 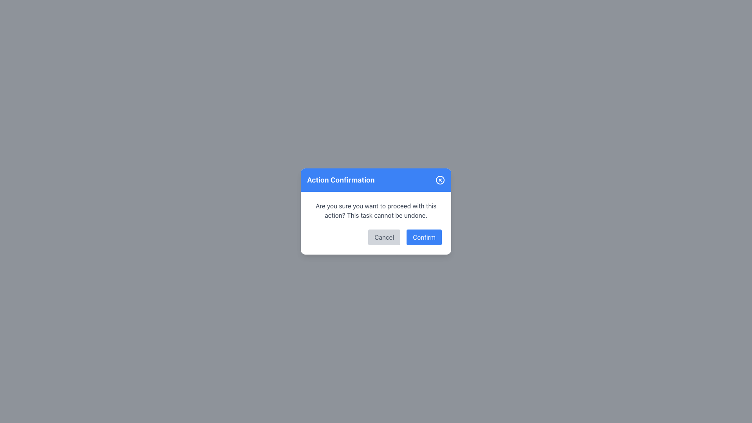 I want to click on the cancel button located in the footer of the dialog box, so click(x=384, y=237).